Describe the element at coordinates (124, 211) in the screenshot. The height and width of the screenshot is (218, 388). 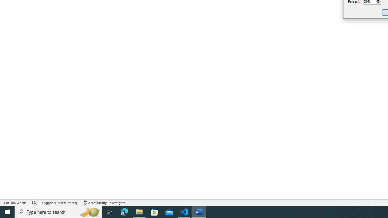
I see `'Microsoft Edge'` at that location.